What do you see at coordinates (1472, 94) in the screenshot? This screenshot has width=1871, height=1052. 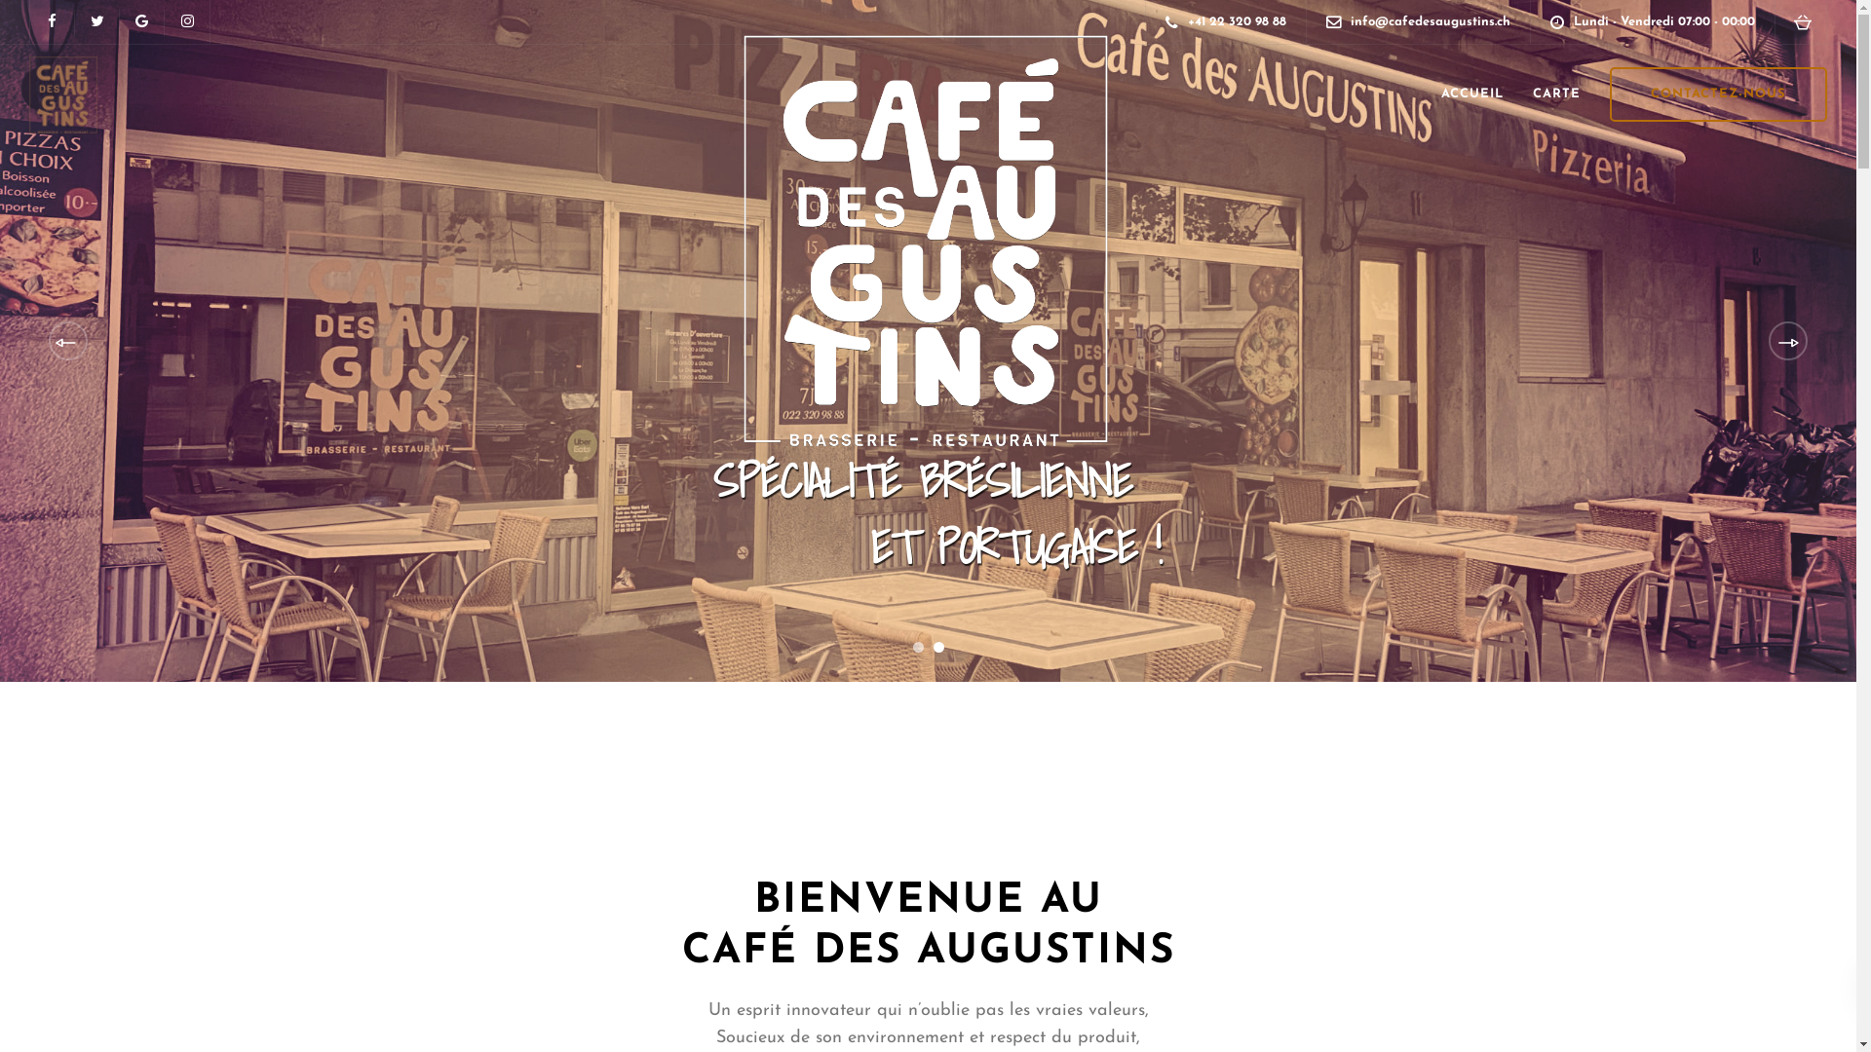 I see `'ACCUEIL'` at bounding box center [1472, 94].